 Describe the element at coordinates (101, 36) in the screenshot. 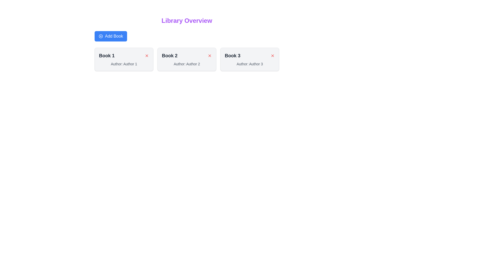

I see `the SVG Circle element that represents the 'Add Book' button, which is located near the top-left corner of the interface above the book listing section` at that location.